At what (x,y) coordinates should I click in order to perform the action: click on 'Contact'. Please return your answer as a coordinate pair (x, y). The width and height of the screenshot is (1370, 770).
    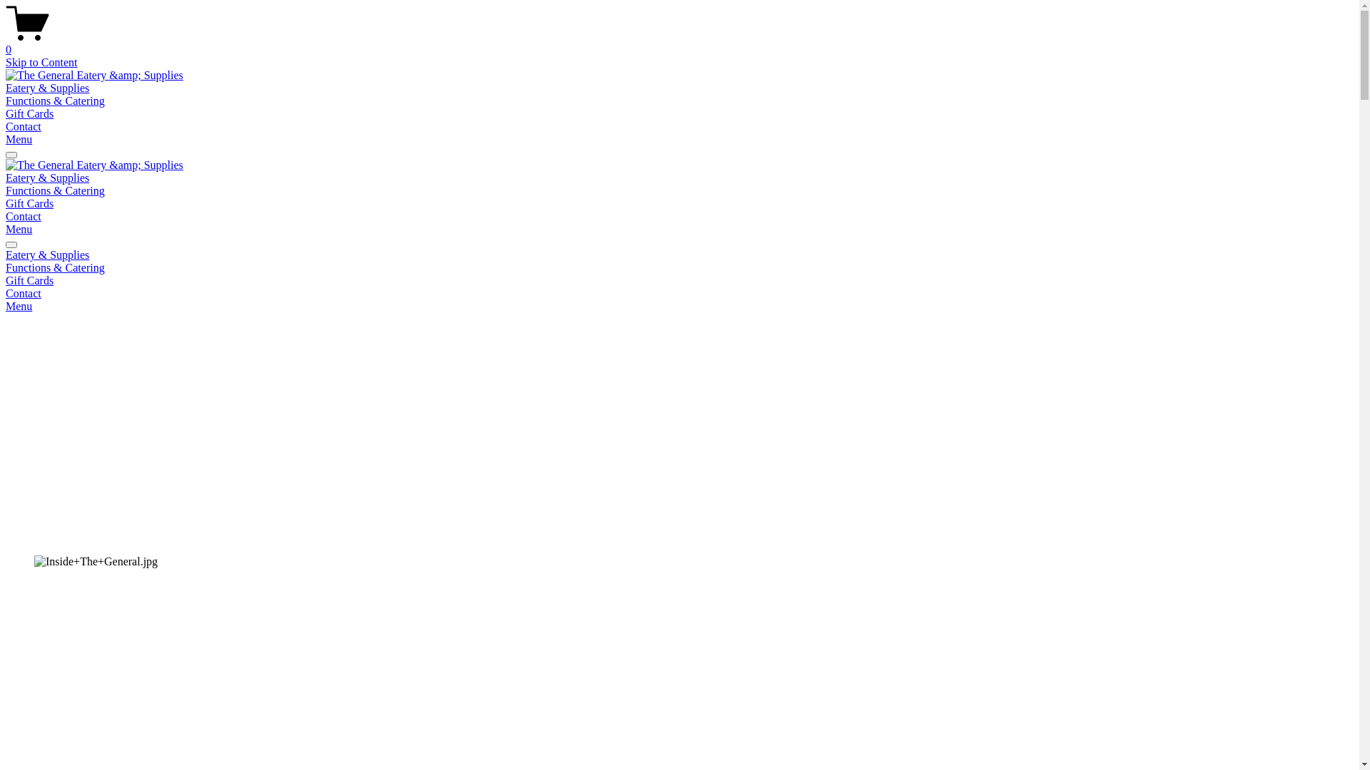
    Looking at the image, I should click on (24, 216).